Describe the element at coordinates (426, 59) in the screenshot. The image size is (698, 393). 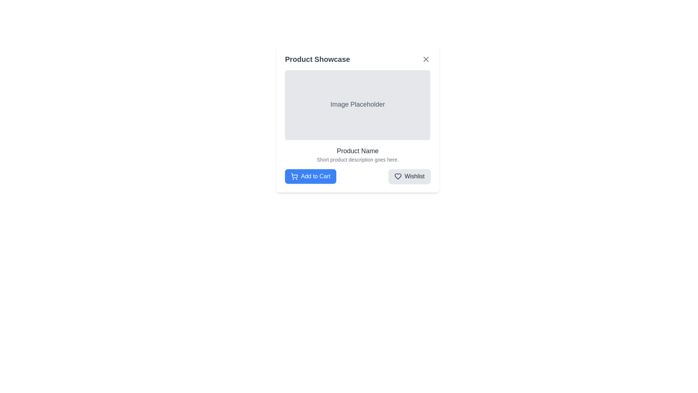
I see `the close button located at the top-right corner of the 'Product Showcase' card to observe a color change` at that location.